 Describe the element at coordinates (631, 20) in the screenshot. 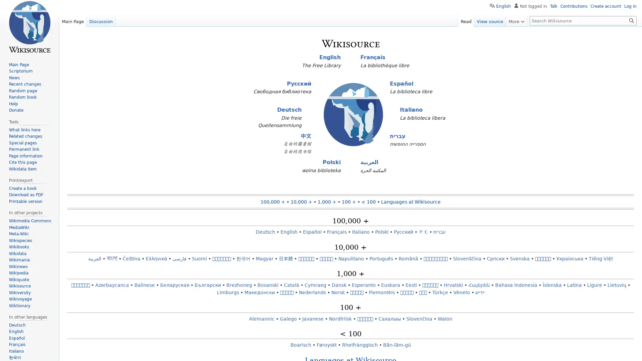

I see `Search` at that location.